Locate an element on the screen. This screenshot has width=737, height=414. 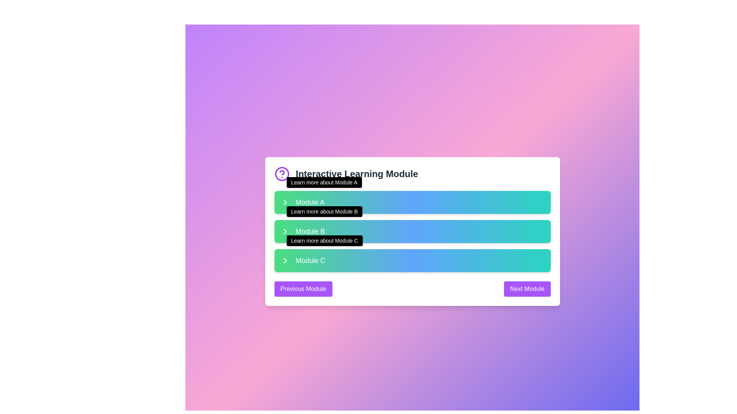
the chevron icon located at the left edge of the 'Module B' entry in the list of modules is located at coordinates (284, 231).